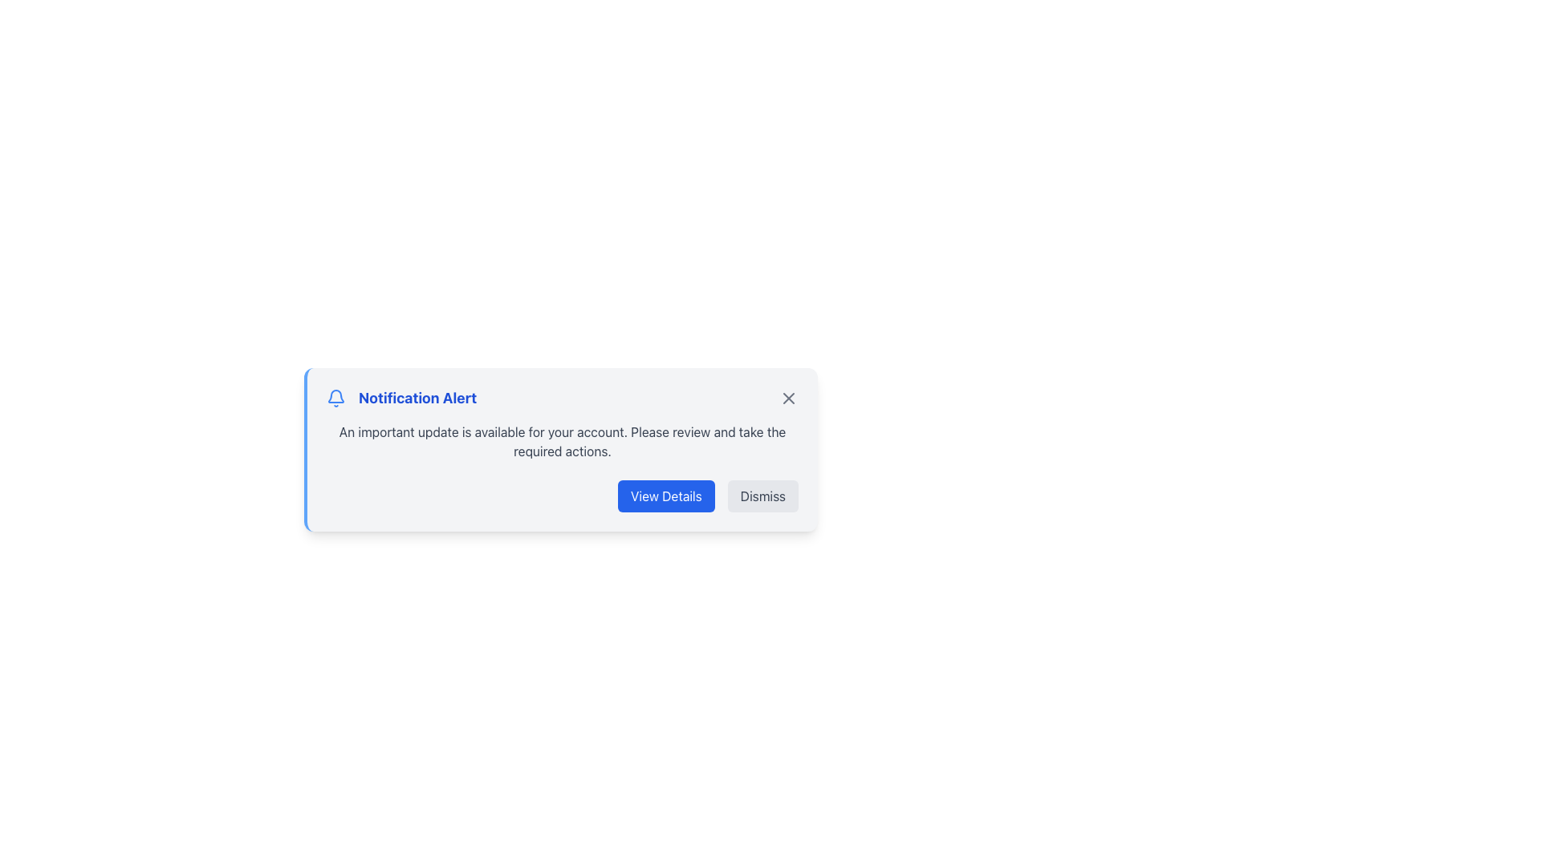 This screenshot has width=1541, height=866. I want to click on the decorative notification icon located to the left of the 'Notification Alert' text at the top of the notification card, so click(335, 398).